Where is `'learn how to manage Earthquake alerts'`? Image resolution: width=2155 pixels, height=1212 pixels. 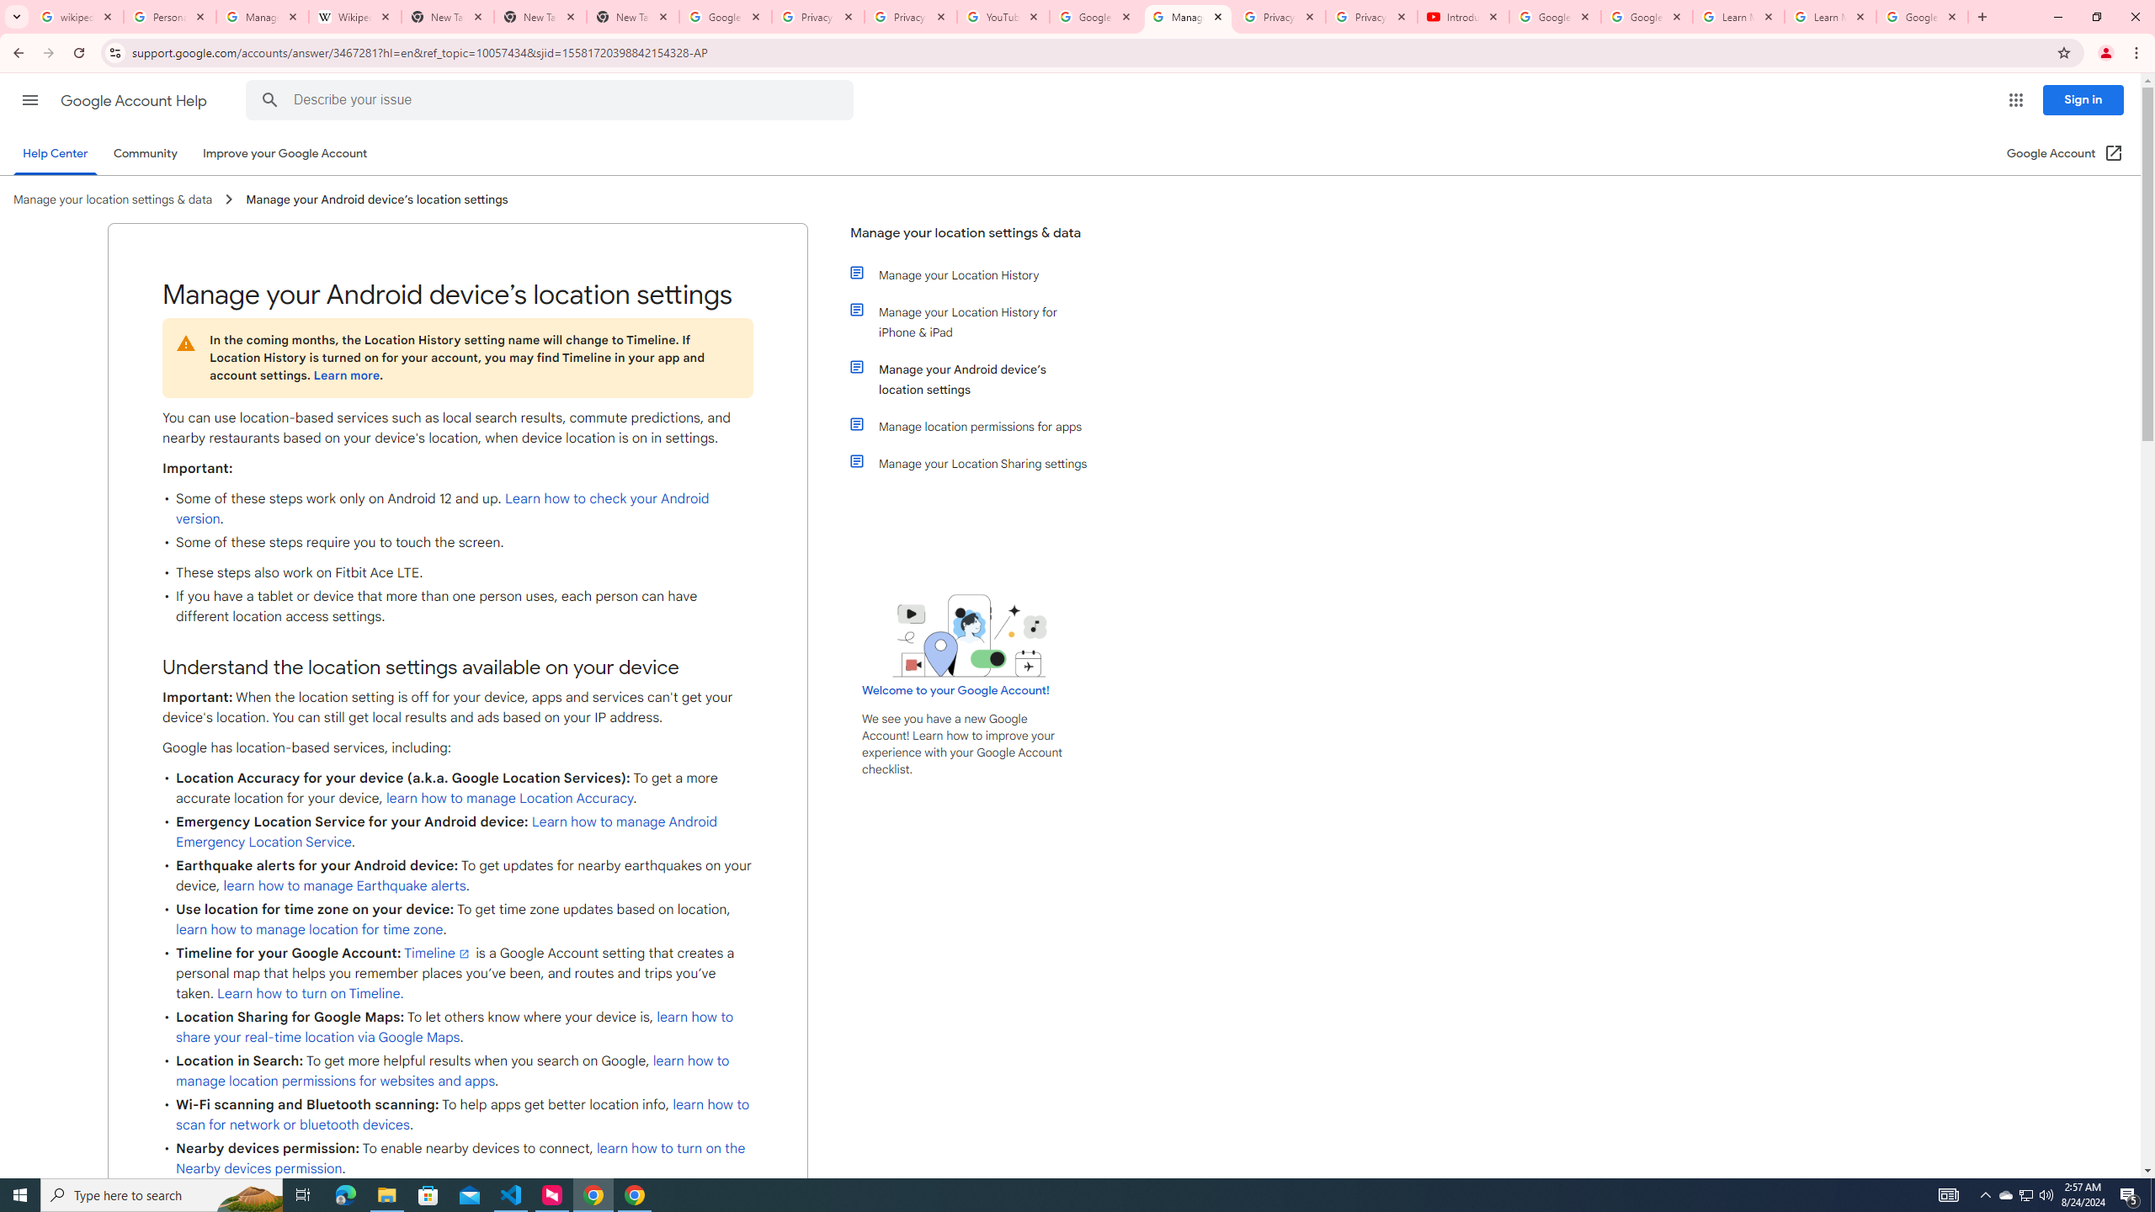
'learn how to manage Earthquake alerts' is located at coordinates (343, 885).